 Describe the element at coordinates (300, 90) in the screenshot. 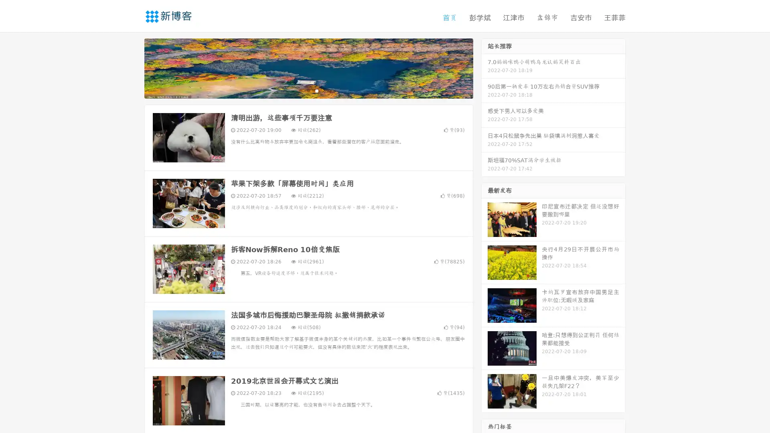

I see `Go to slide 1` at that location.